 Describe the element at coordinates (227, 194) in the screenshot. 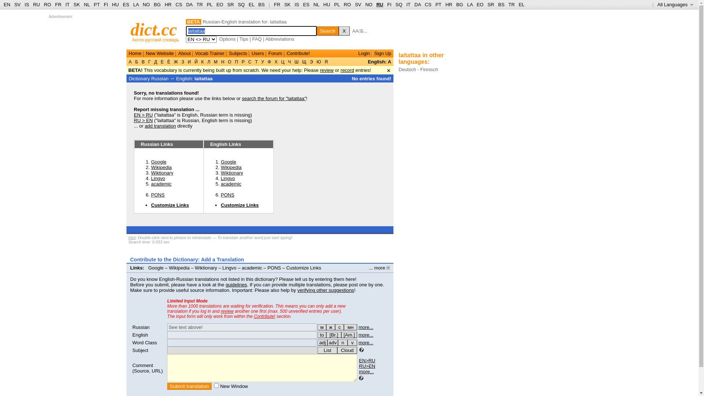

I see `'PONS'` at that location.